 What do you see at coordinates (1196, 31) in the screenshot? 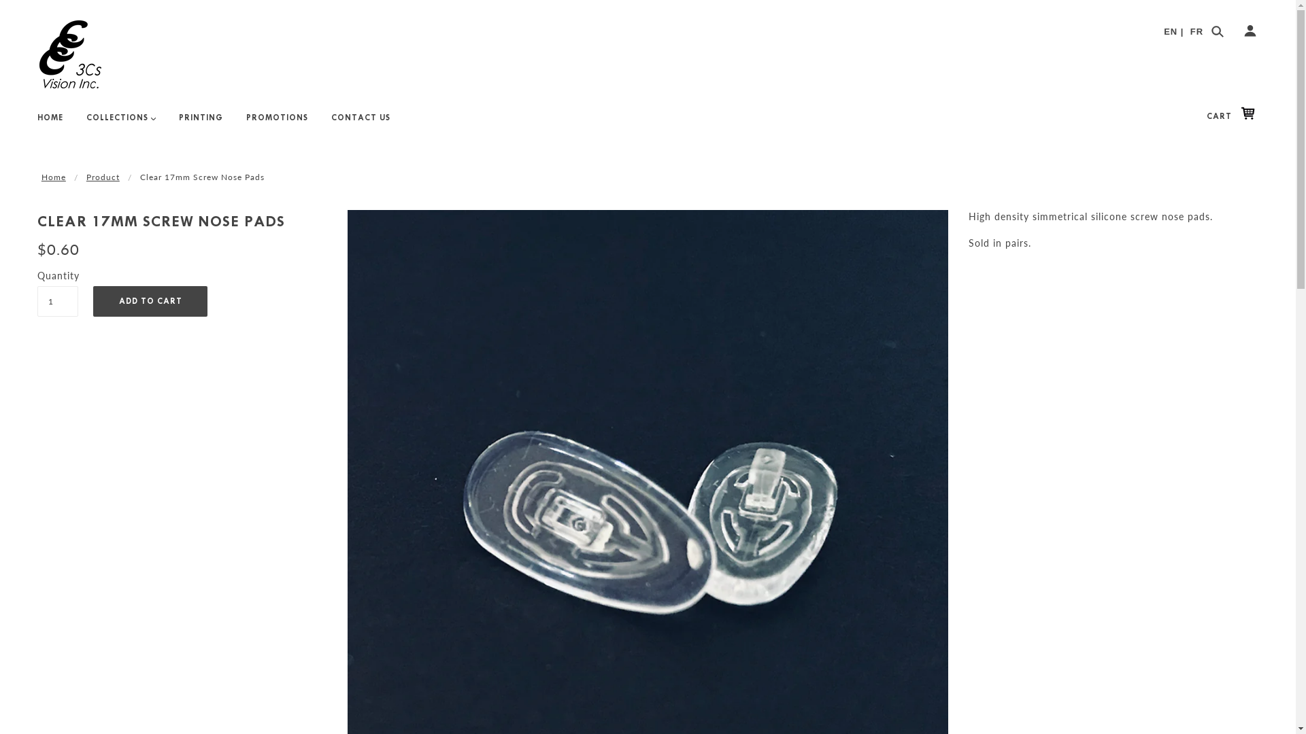
I see `'FR'` at bounding box center [1196, 31].